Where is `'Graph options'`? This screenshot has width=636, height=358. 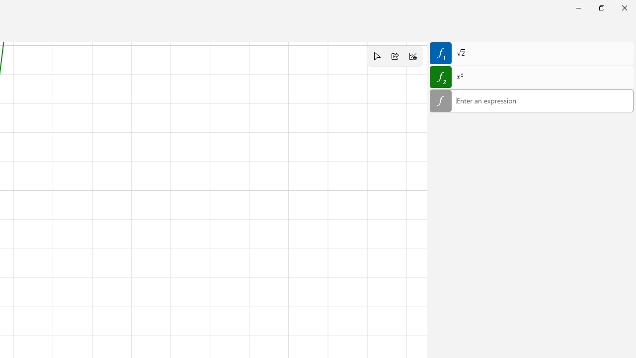
'Graph options' is located at coordinates (413, 56).